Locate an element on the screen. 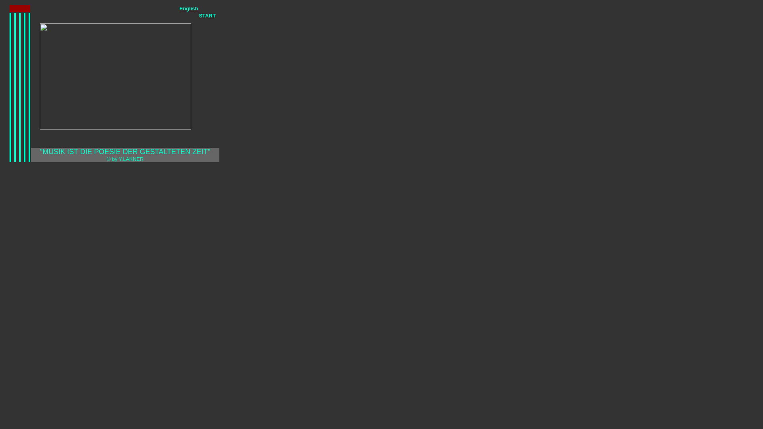 This screenshot has height=429, width=763. 'English' is located at coordinates (188, 8).